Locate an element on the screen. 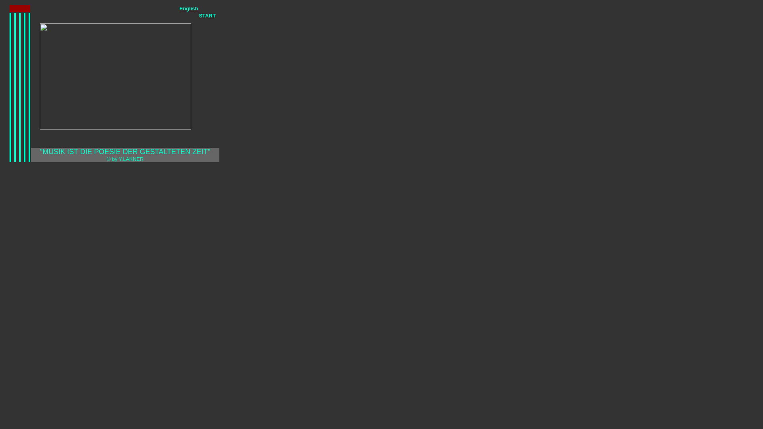 This screenshot has height=429, width=763. 'English' is located at coordinates (188, 8).